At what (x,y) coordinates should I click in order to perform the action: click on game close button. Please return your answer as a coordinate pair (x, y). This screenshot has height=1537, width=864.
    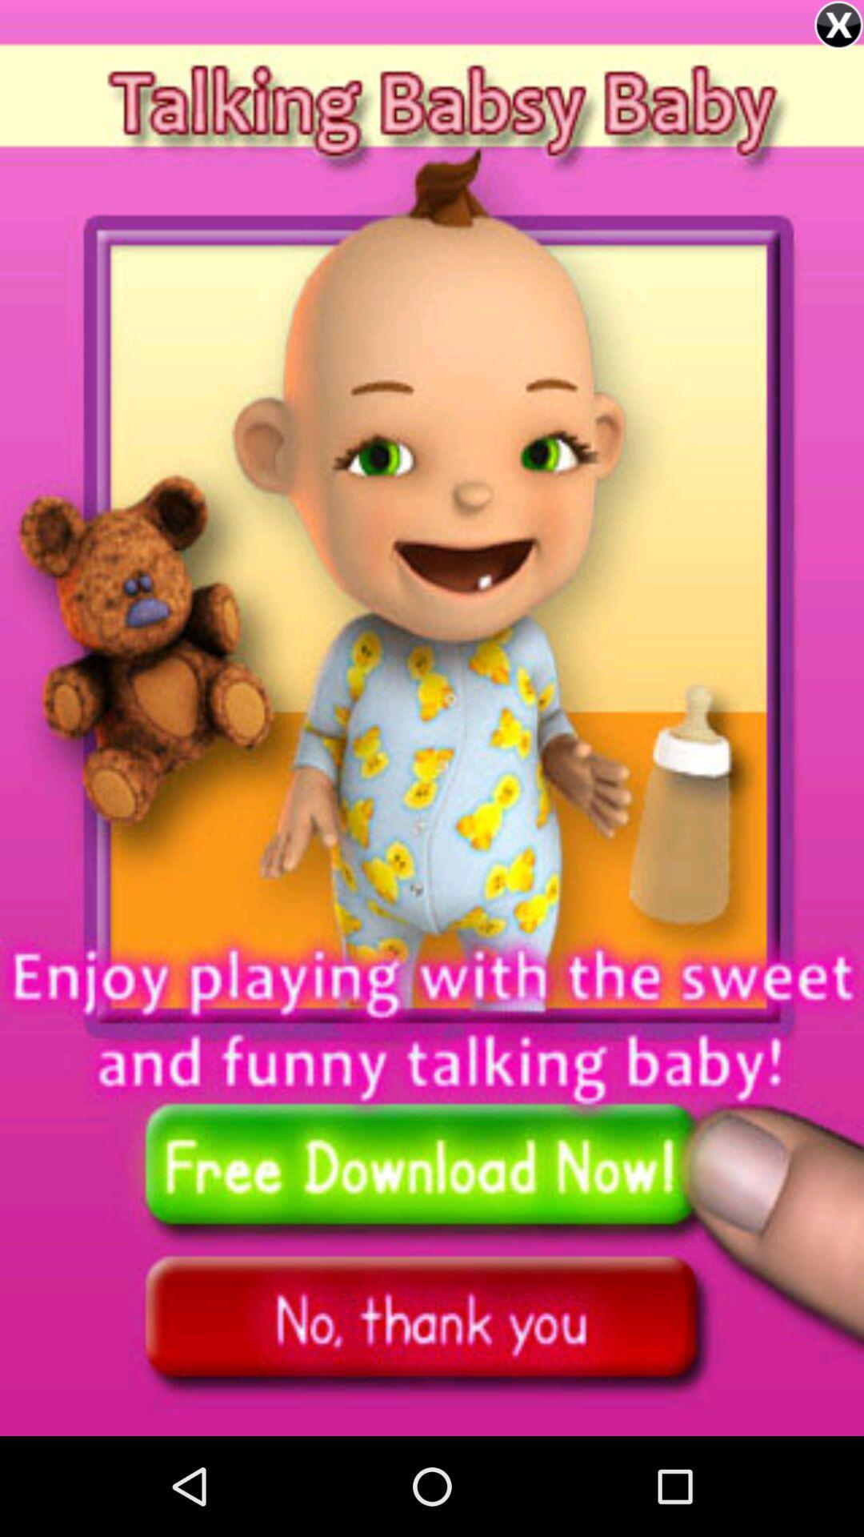
    Looking at the image, I should click on (838, 25).